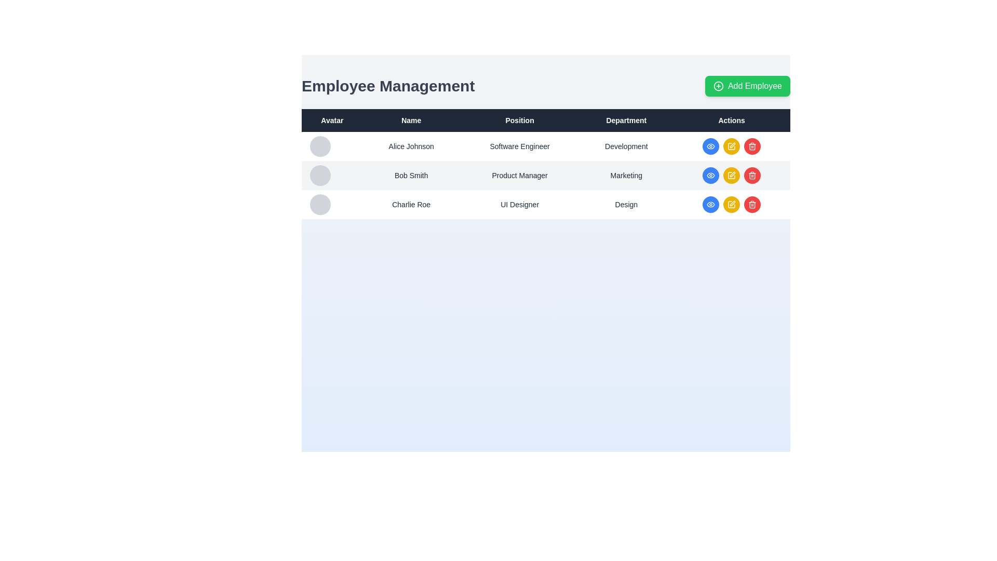 The height and width of the screenshot is (561, 997). Describe the element at coordinates (626, 146) in the screenshot. I see `the 'Department' text element indicating the department for employee 'Alice Johnson' in the employee management interface` at that location.